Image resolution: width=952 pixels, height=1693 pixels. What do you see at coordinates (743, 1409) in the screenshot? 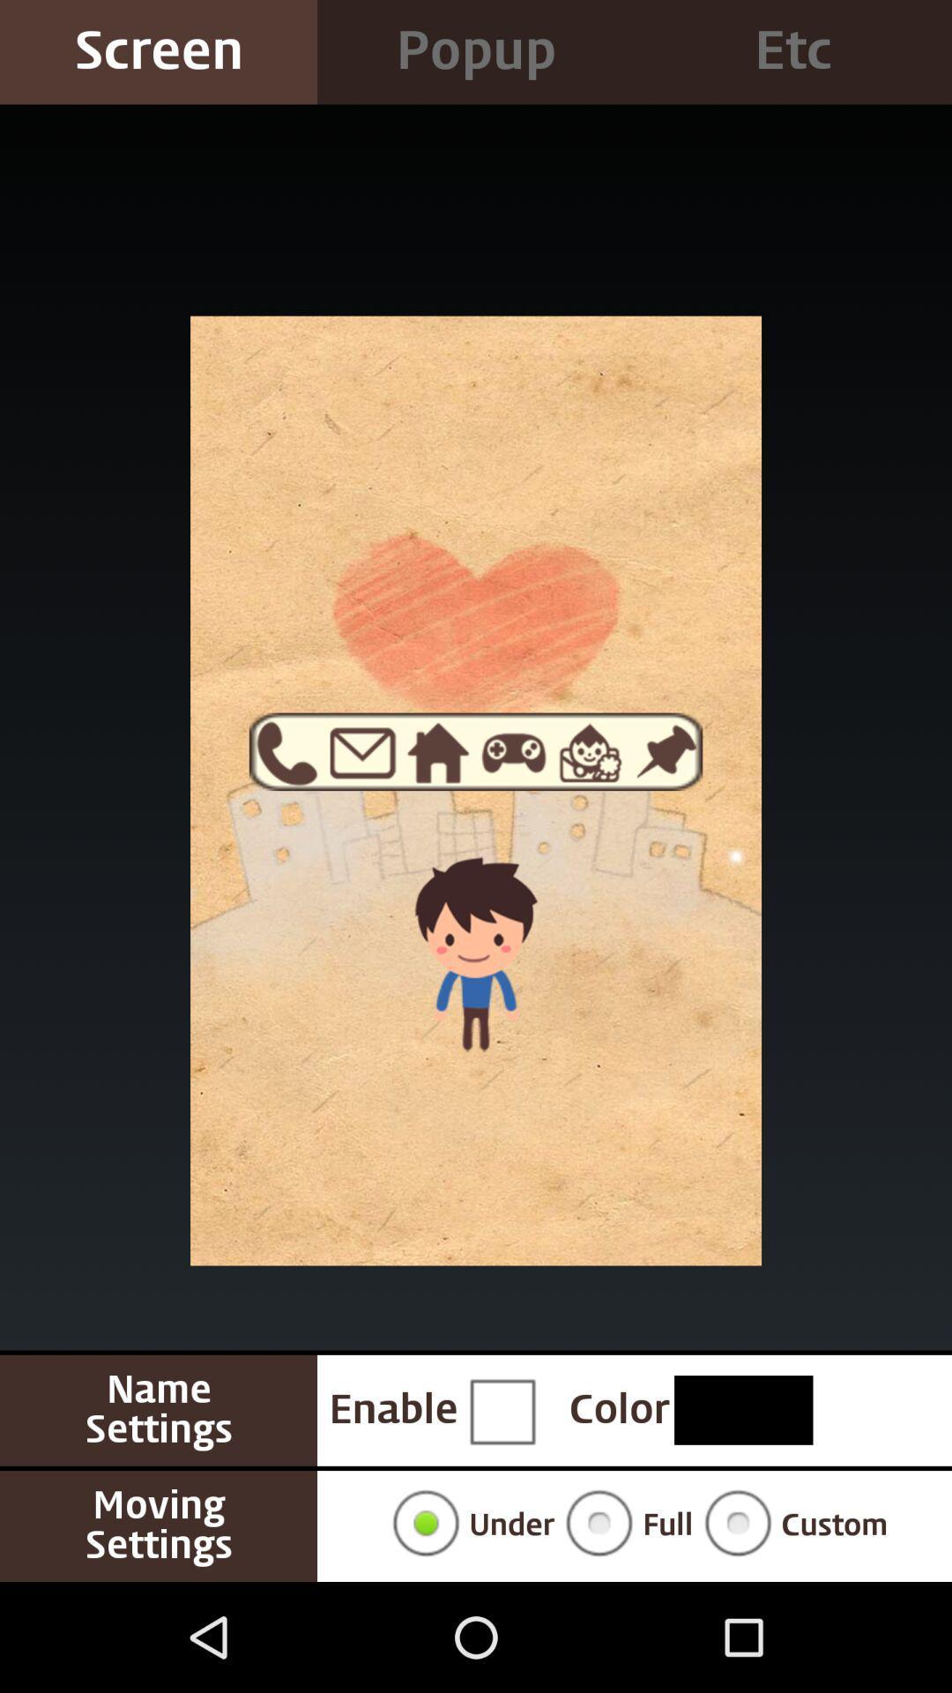
I see `choose a color` at bounding box center [743, 1409].